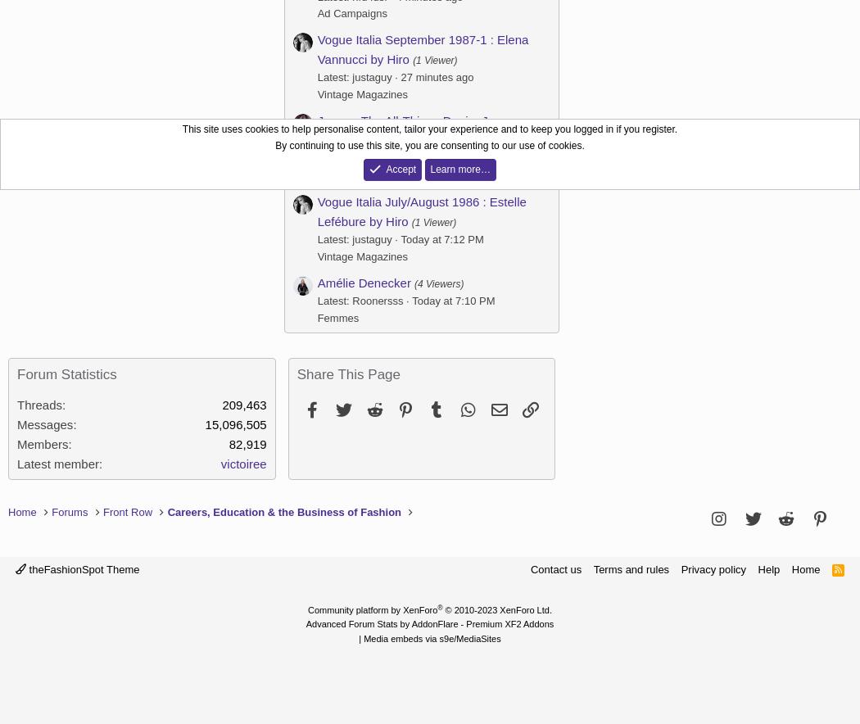 This screenshot has height=724, width=860. Describe the element at coordinates (128, 511) in the screenshot. I see `'Front Row'` at that location.